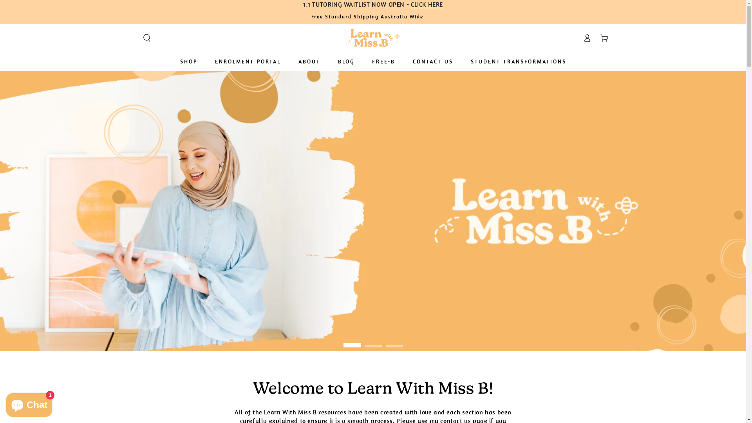 The image size is (752, 423). I want to click on 'SHOP', so click(174, 61).